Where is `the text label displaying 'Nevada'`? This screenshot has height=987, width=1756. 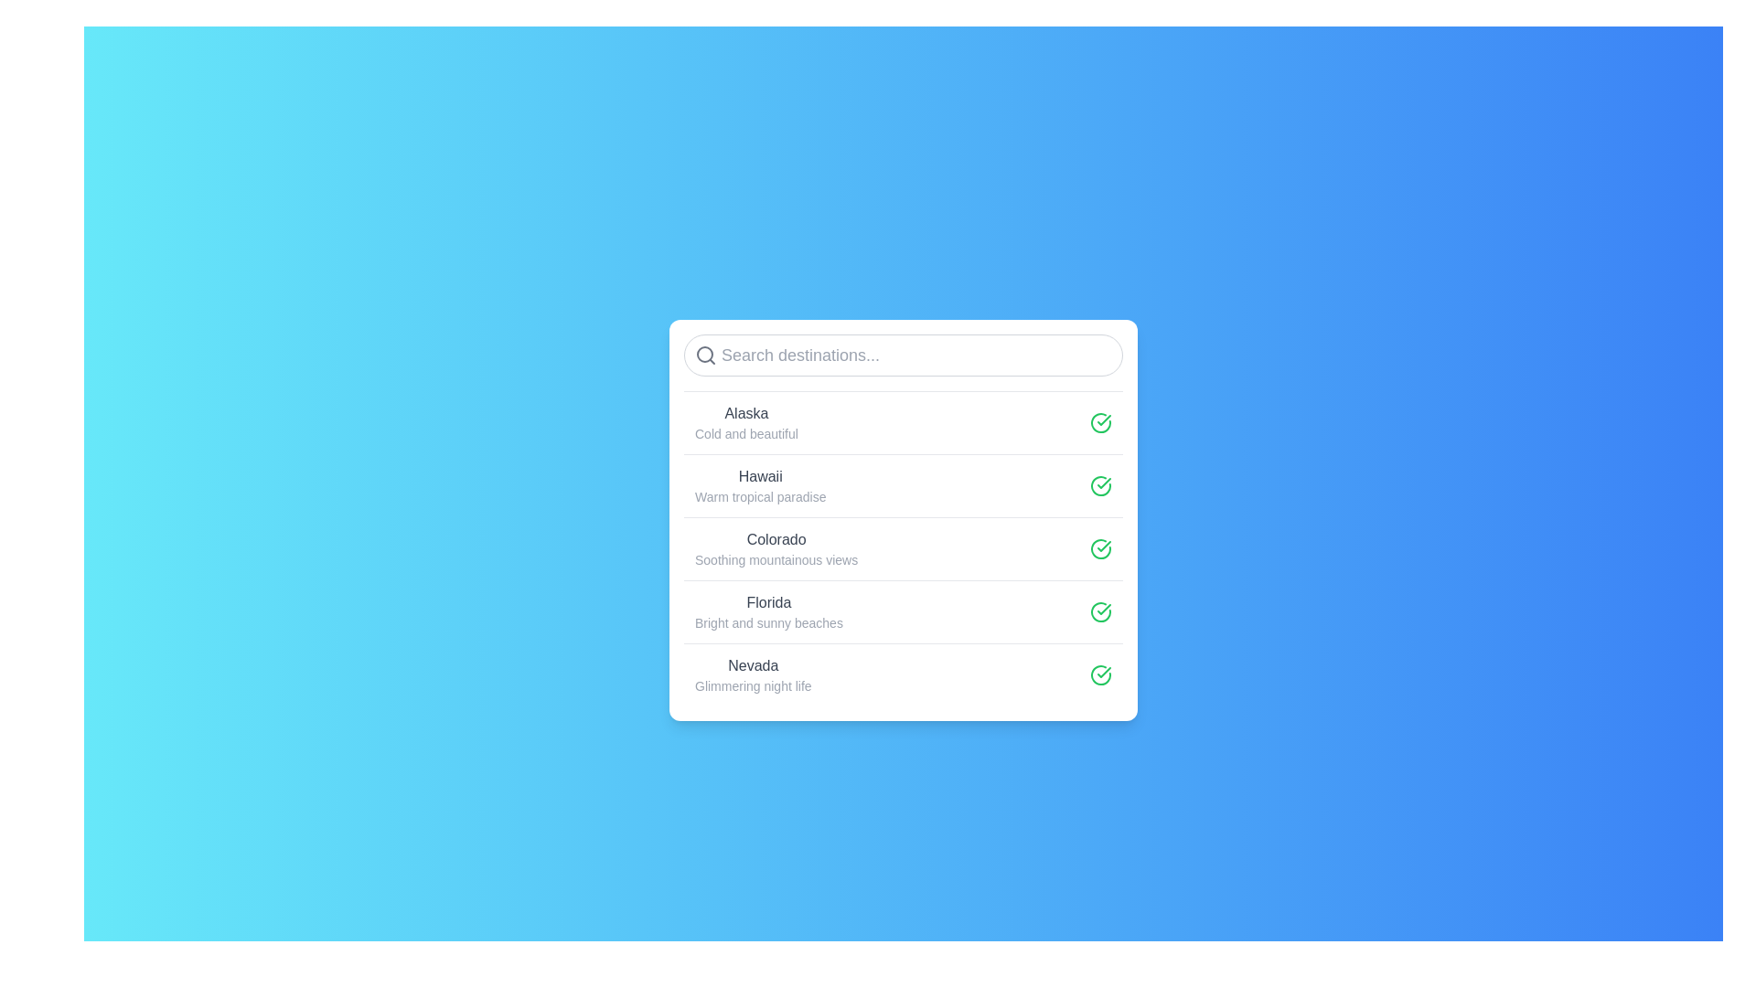 the text label displaying 'Nevada' is located at coordinates (753, 674).